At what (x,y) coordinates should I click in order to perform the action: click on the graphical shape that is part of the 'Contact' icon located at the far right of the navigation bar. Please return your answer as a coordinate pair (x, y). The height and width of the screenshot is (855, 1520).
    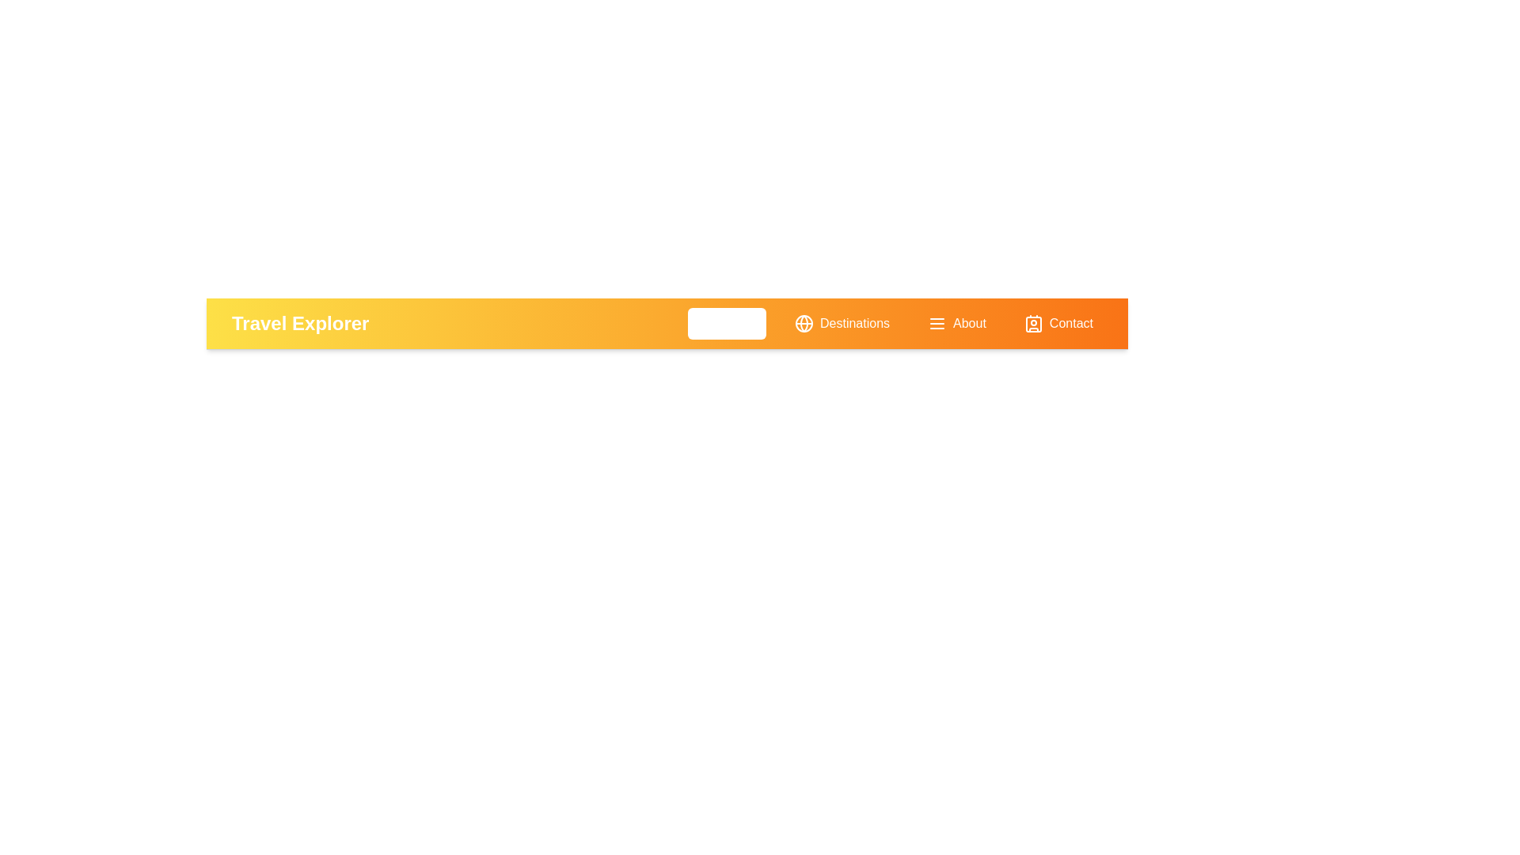
    Looking at the image, I should click on (1033, 324).